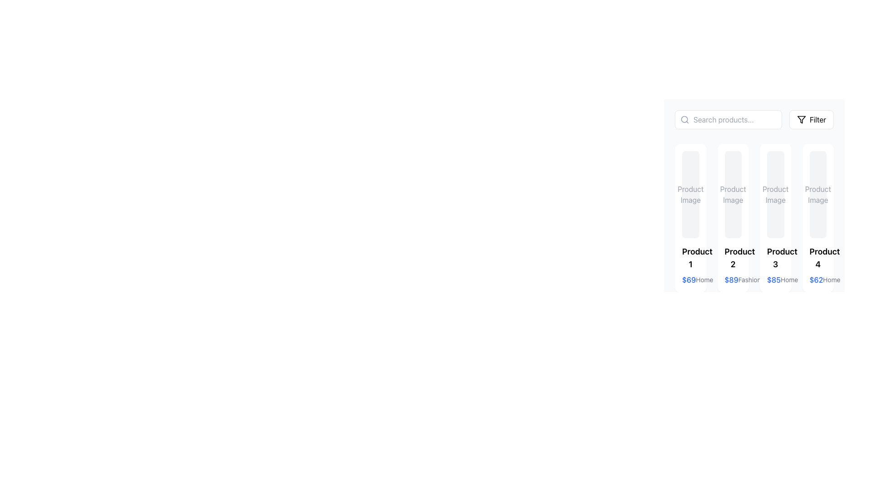 This screenshot has height=490, width=872. I want to click on the Text Label displaying 'Product 4', which is positioned below the image placeholder and above the price and category section, so click(818, 258).